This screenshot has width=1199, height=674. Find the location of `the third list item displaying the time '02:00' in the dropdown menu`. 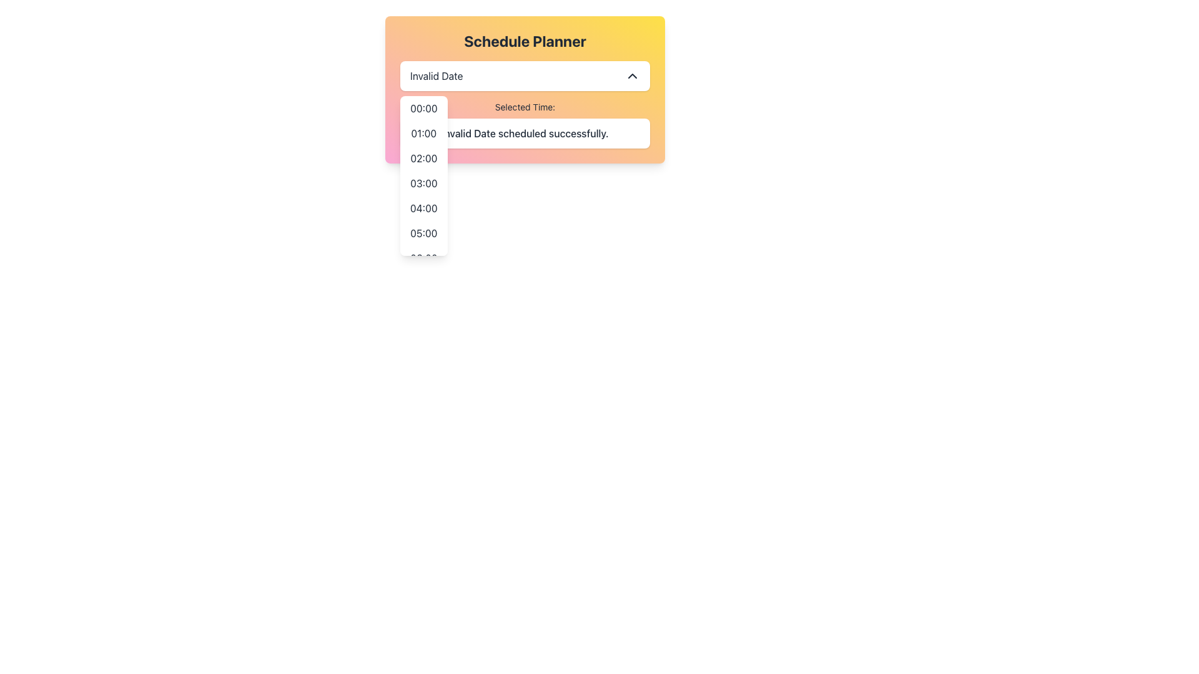

the third list item displaying the time '02:00' in the dropdown menu is located at coordinates (423, 158).